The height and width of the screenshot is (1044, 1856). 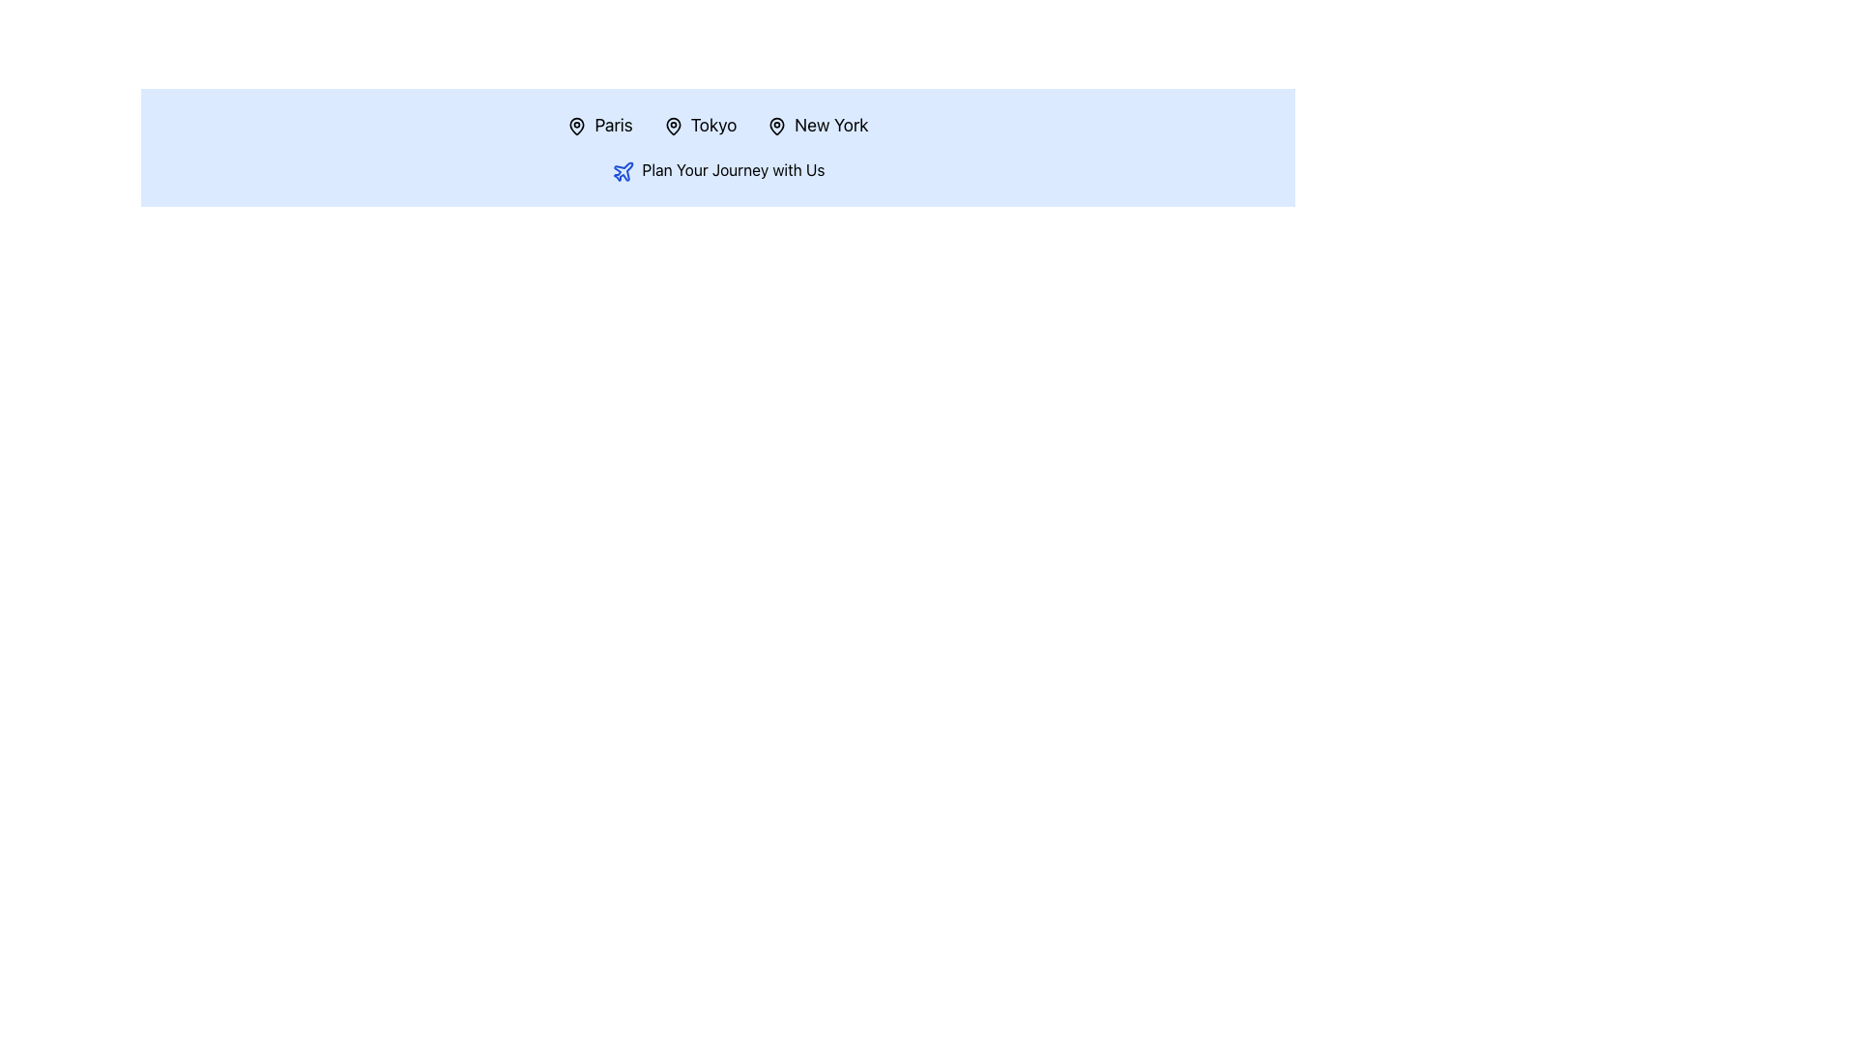 What do you see at coordinates (818, 126) in the screenshot?
I see `the clickable text label displaying 'New York' with an associated map pin icon` at bounding box center [818, 126].